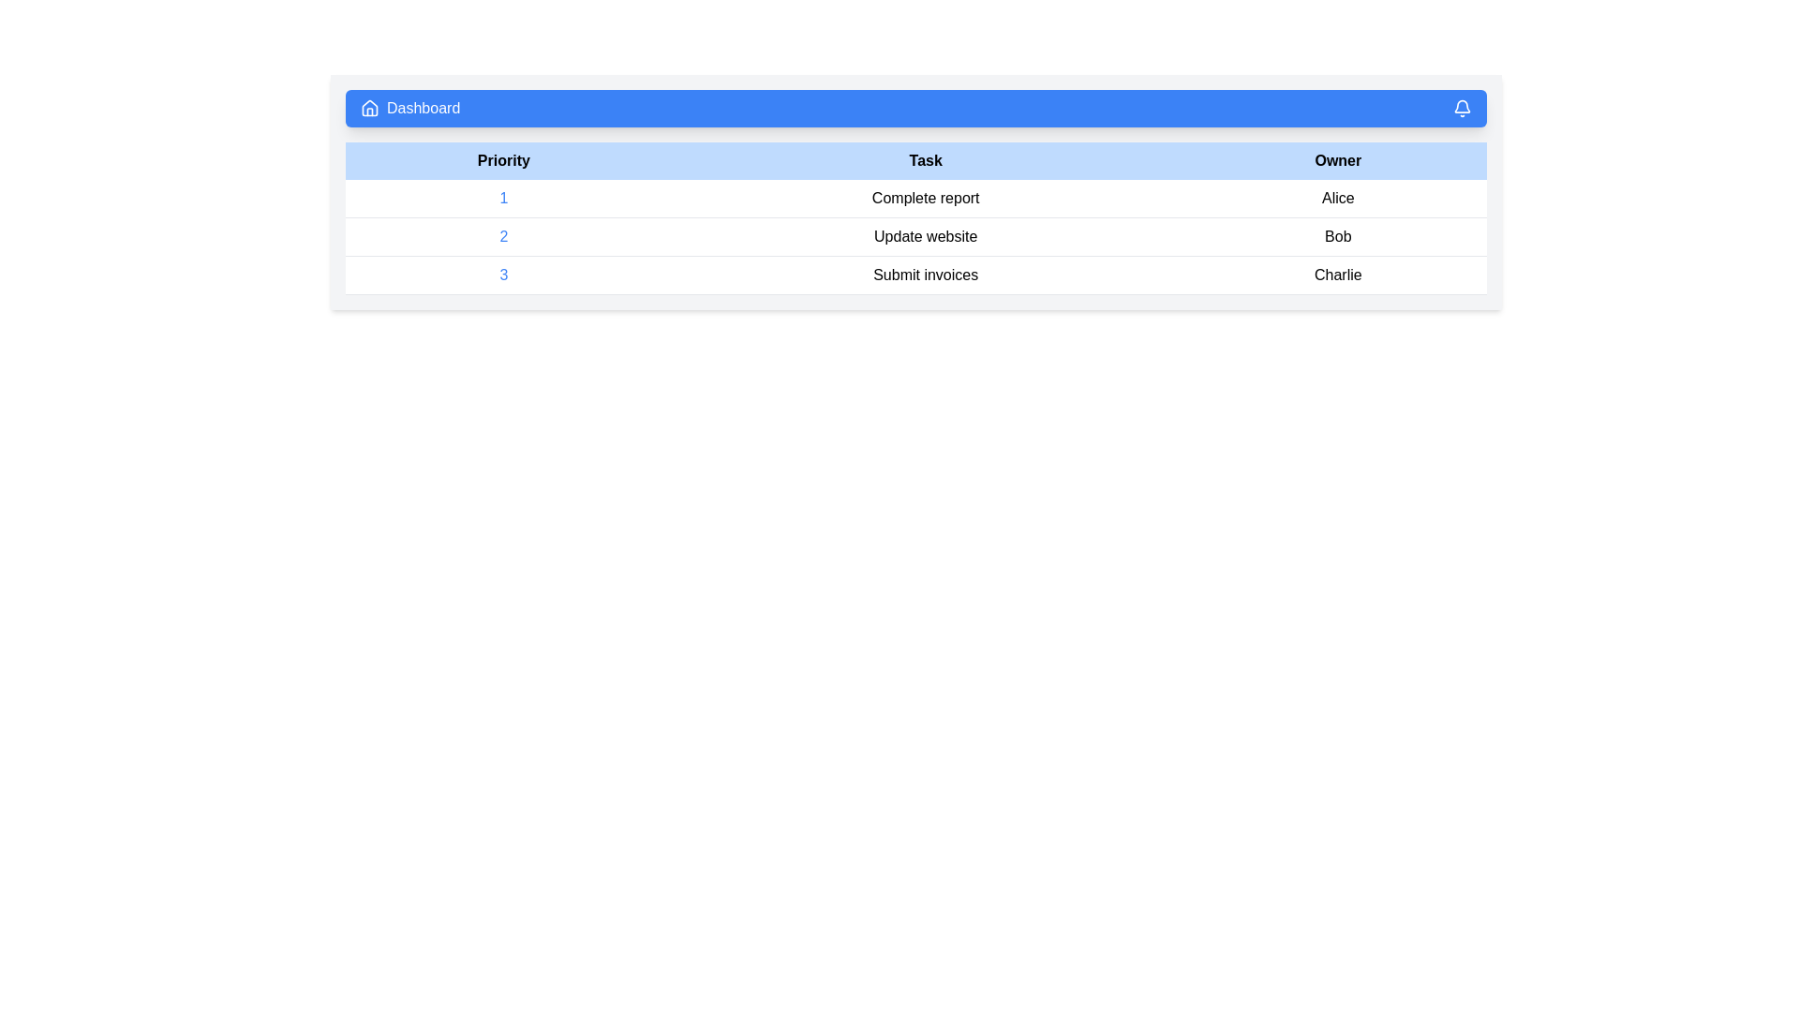  What do you see at coordinates (926, 275) in the screenshot?
I see `the text label located in the third column of row marked '3' within the table, positioned between the 'Priority' and 'Task' columns` at bounding box center [926, 275].